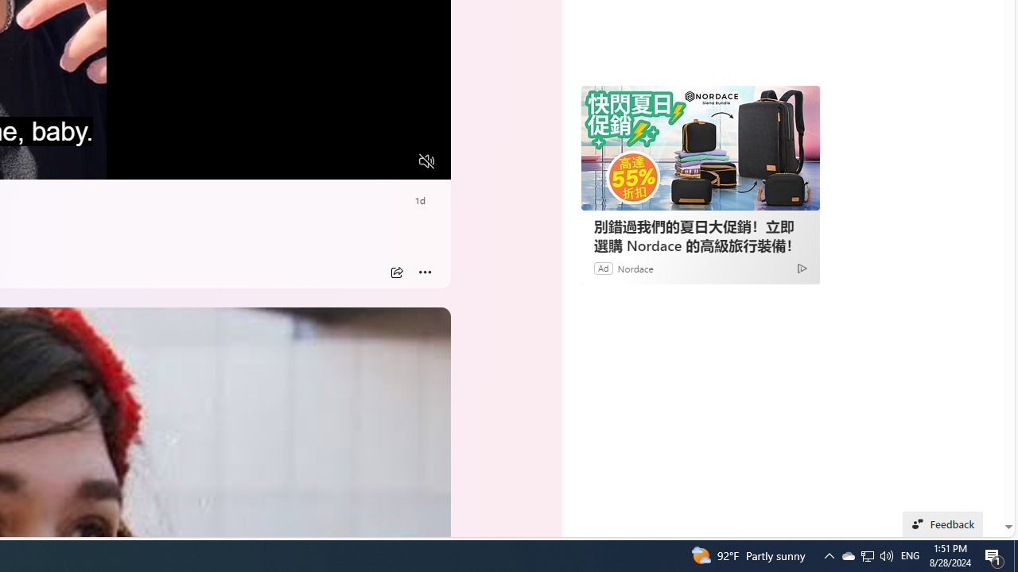 The width and height of the screenshot is (1018, 572). I want to click on 'Quality Settings', so click(332, 161).